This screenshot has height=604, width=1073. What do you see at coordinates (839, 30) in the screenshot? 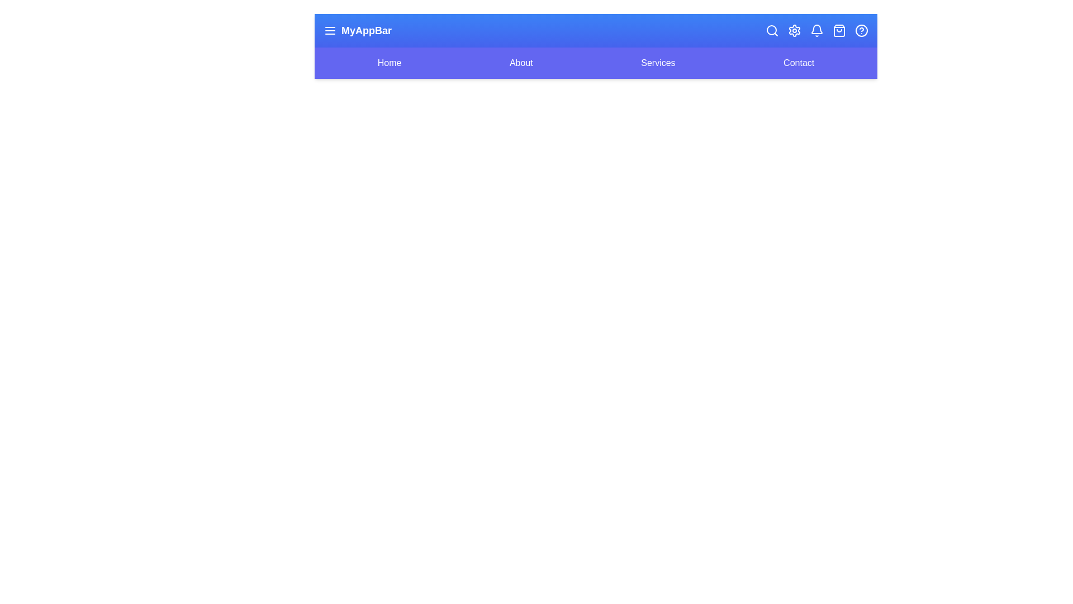
I see `the shopping_bag icon to perform its action` at bounding box center [839, 30].